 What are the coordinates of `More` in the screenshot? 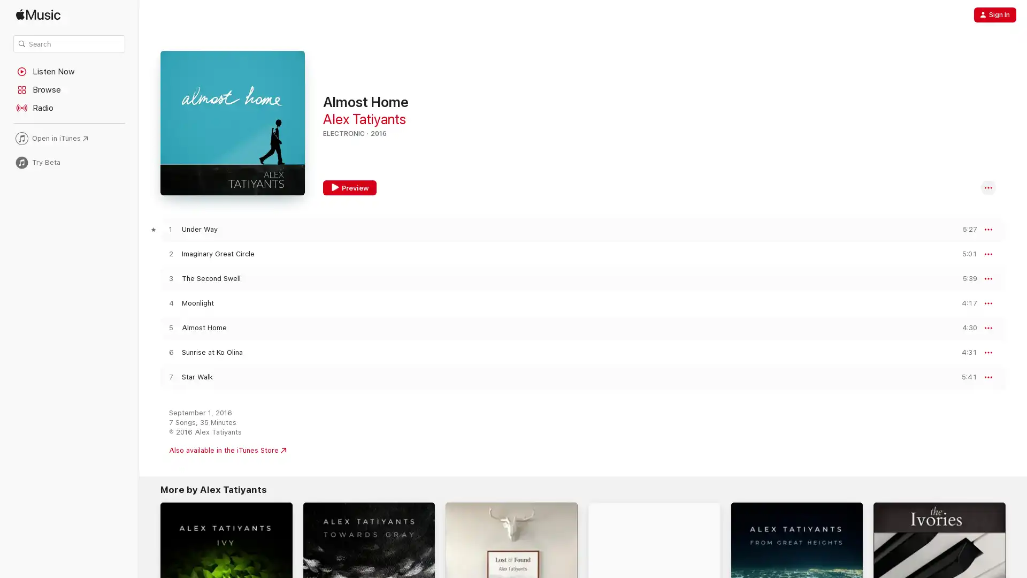 It's located at (988, 278).